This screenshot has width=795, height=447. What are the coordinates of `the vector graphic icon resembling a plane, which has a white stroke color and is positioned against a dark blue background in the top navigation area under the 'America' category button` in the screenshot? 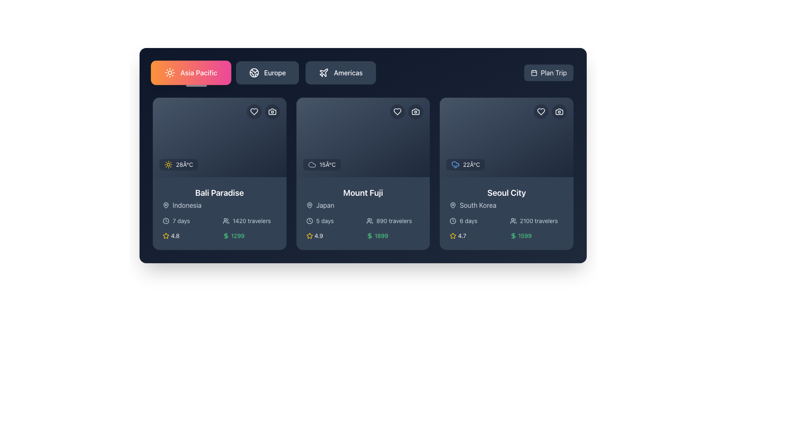 It's located at (323, 72).